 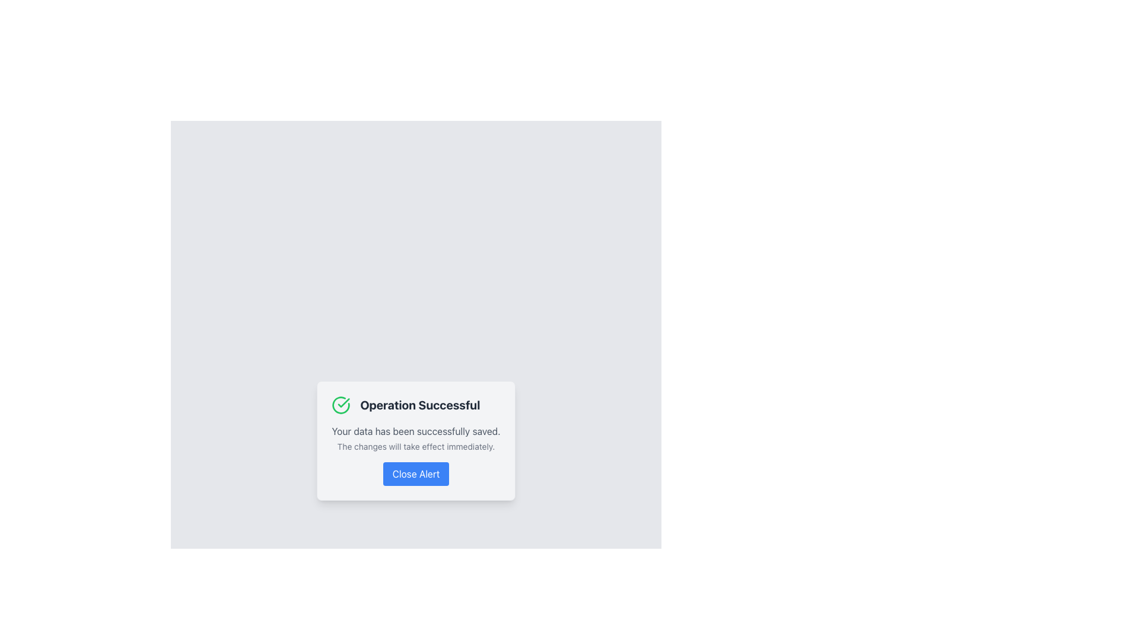 I want to click on the confirmation message text block that indicates a data-saving operation has completed successfully, located in the alert box under the heading 'Operation Successful', so click(x=416, y=439).